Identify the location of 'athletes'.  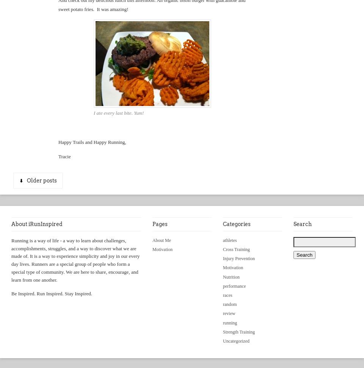
(229, 240).